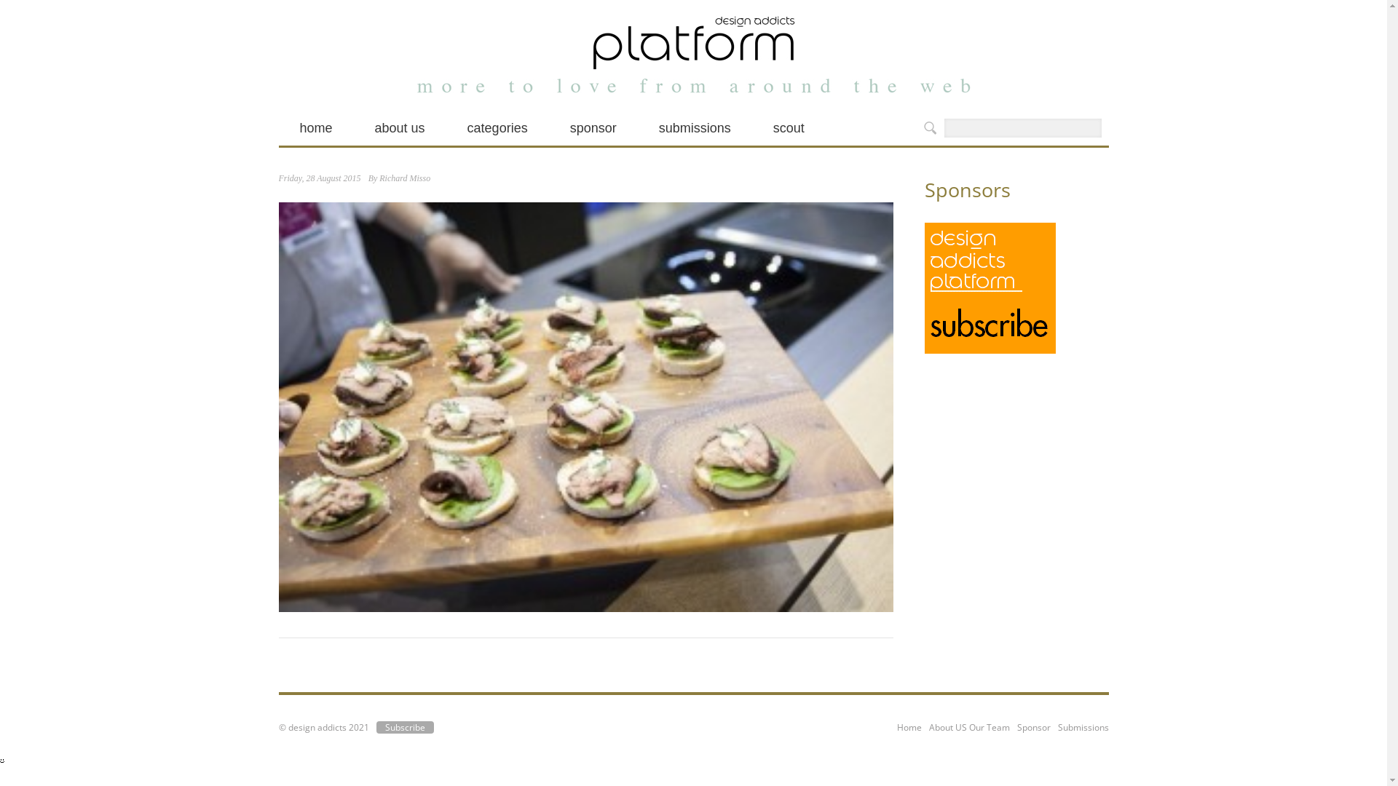 This screenshot has width=1398, height=786. Describe the element at coordinates (497, 127) in the screenshot. I see `'categories'` at that location.